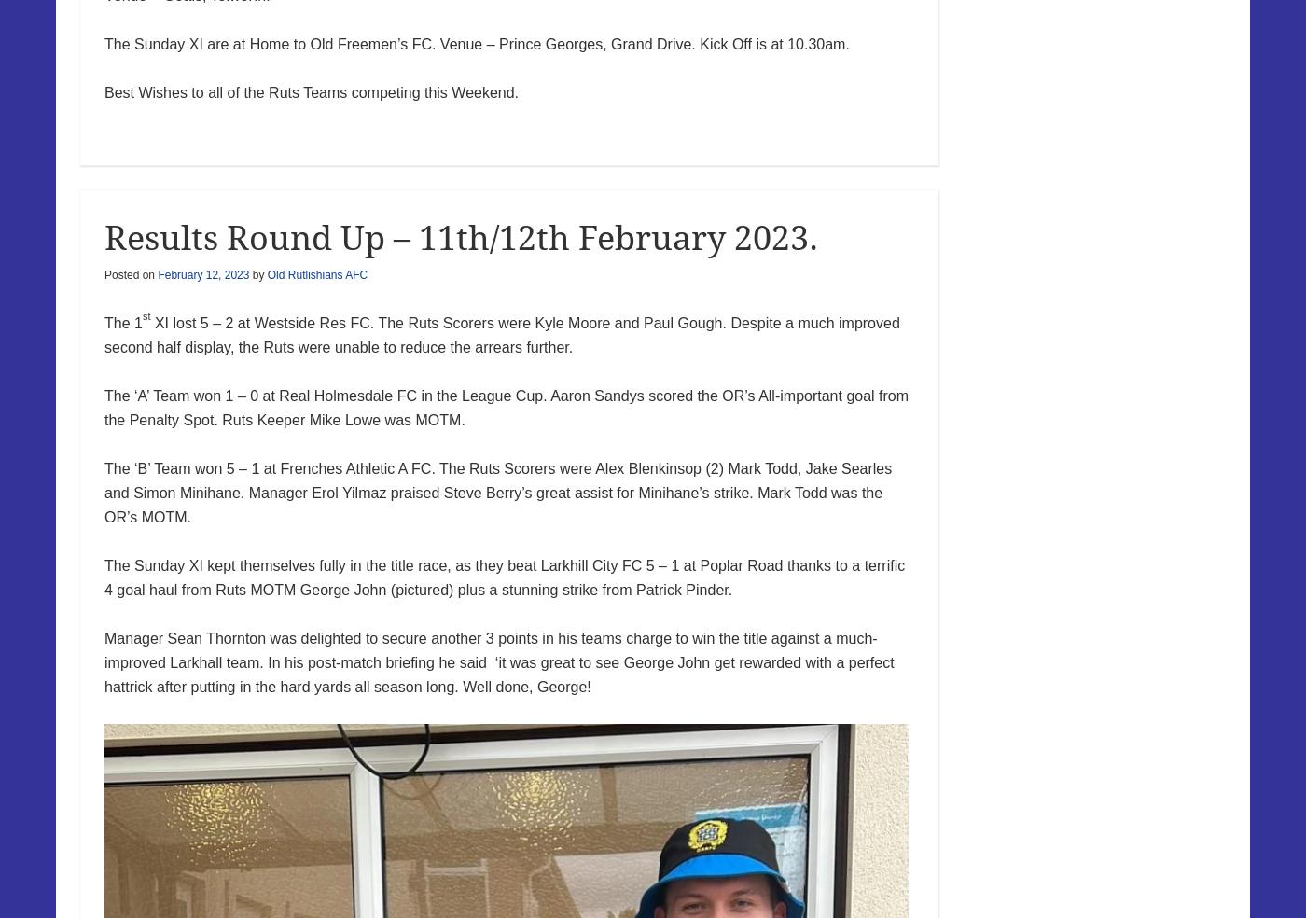 This screenshot has height=918, width=1306. What do you see at coordinates (104, 236) in the screenshot?
I see `'Results Round Up – 11th/12th February 2023.'` at bounding box center [104, 236].